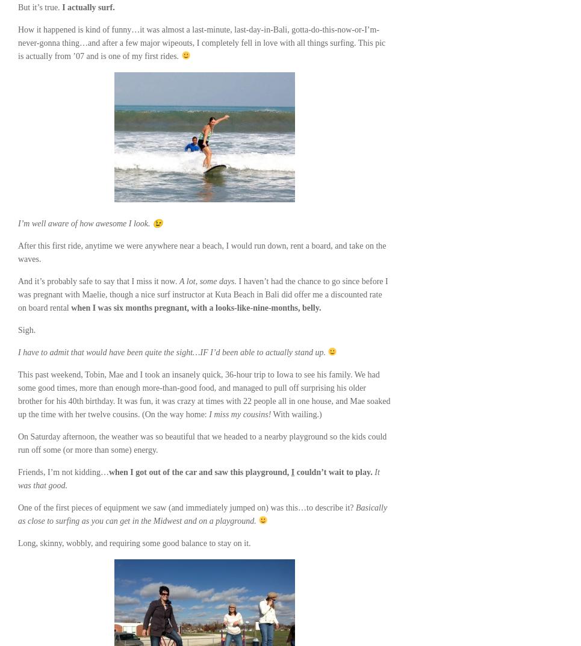 The image size is (581, 646). I want to click on 'This past weekend, Tobin, Mae and I took an insanely quick, 36-hour trip to Iowa to see his family. We had some good times, more than enough more-than-good food, and managed to pull off surprising his older brother for his 40th birthday. It was fun, it was crazy at times with 22 people all in one house, and Mae soaked up the time with her twelve cousins. (On the way home:', so click(17, 394).